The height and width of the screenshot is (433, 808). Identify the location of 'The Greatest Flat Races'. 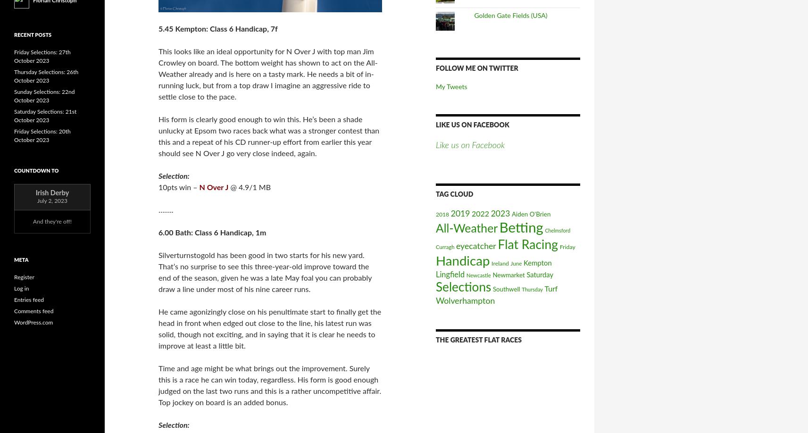
(478, 340).